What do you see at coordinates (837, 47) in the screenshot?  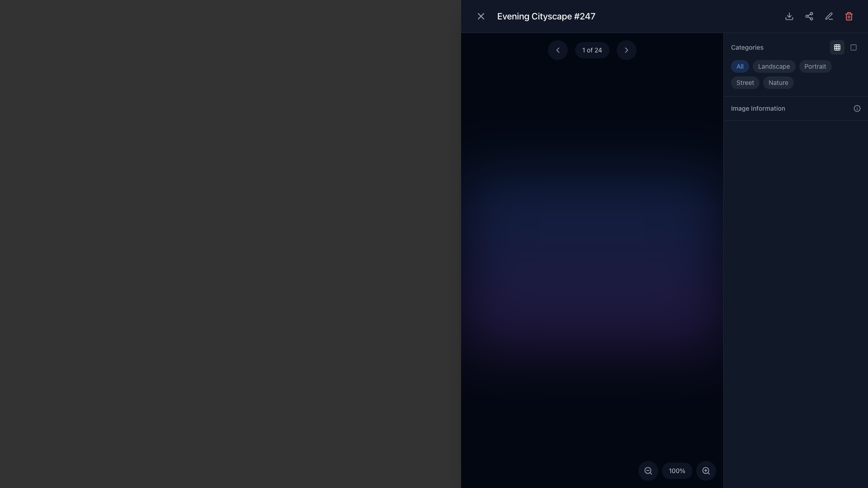 I see `the rectangular button with rounded corners and a grid icon` at bounding box center [837, 47].